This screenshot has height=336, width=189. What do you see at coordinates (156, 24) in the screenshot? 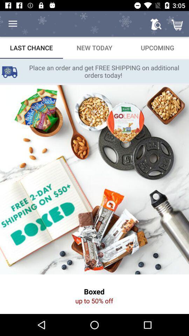
I see `the item above upcoming item` at bounding box center [156, 24].